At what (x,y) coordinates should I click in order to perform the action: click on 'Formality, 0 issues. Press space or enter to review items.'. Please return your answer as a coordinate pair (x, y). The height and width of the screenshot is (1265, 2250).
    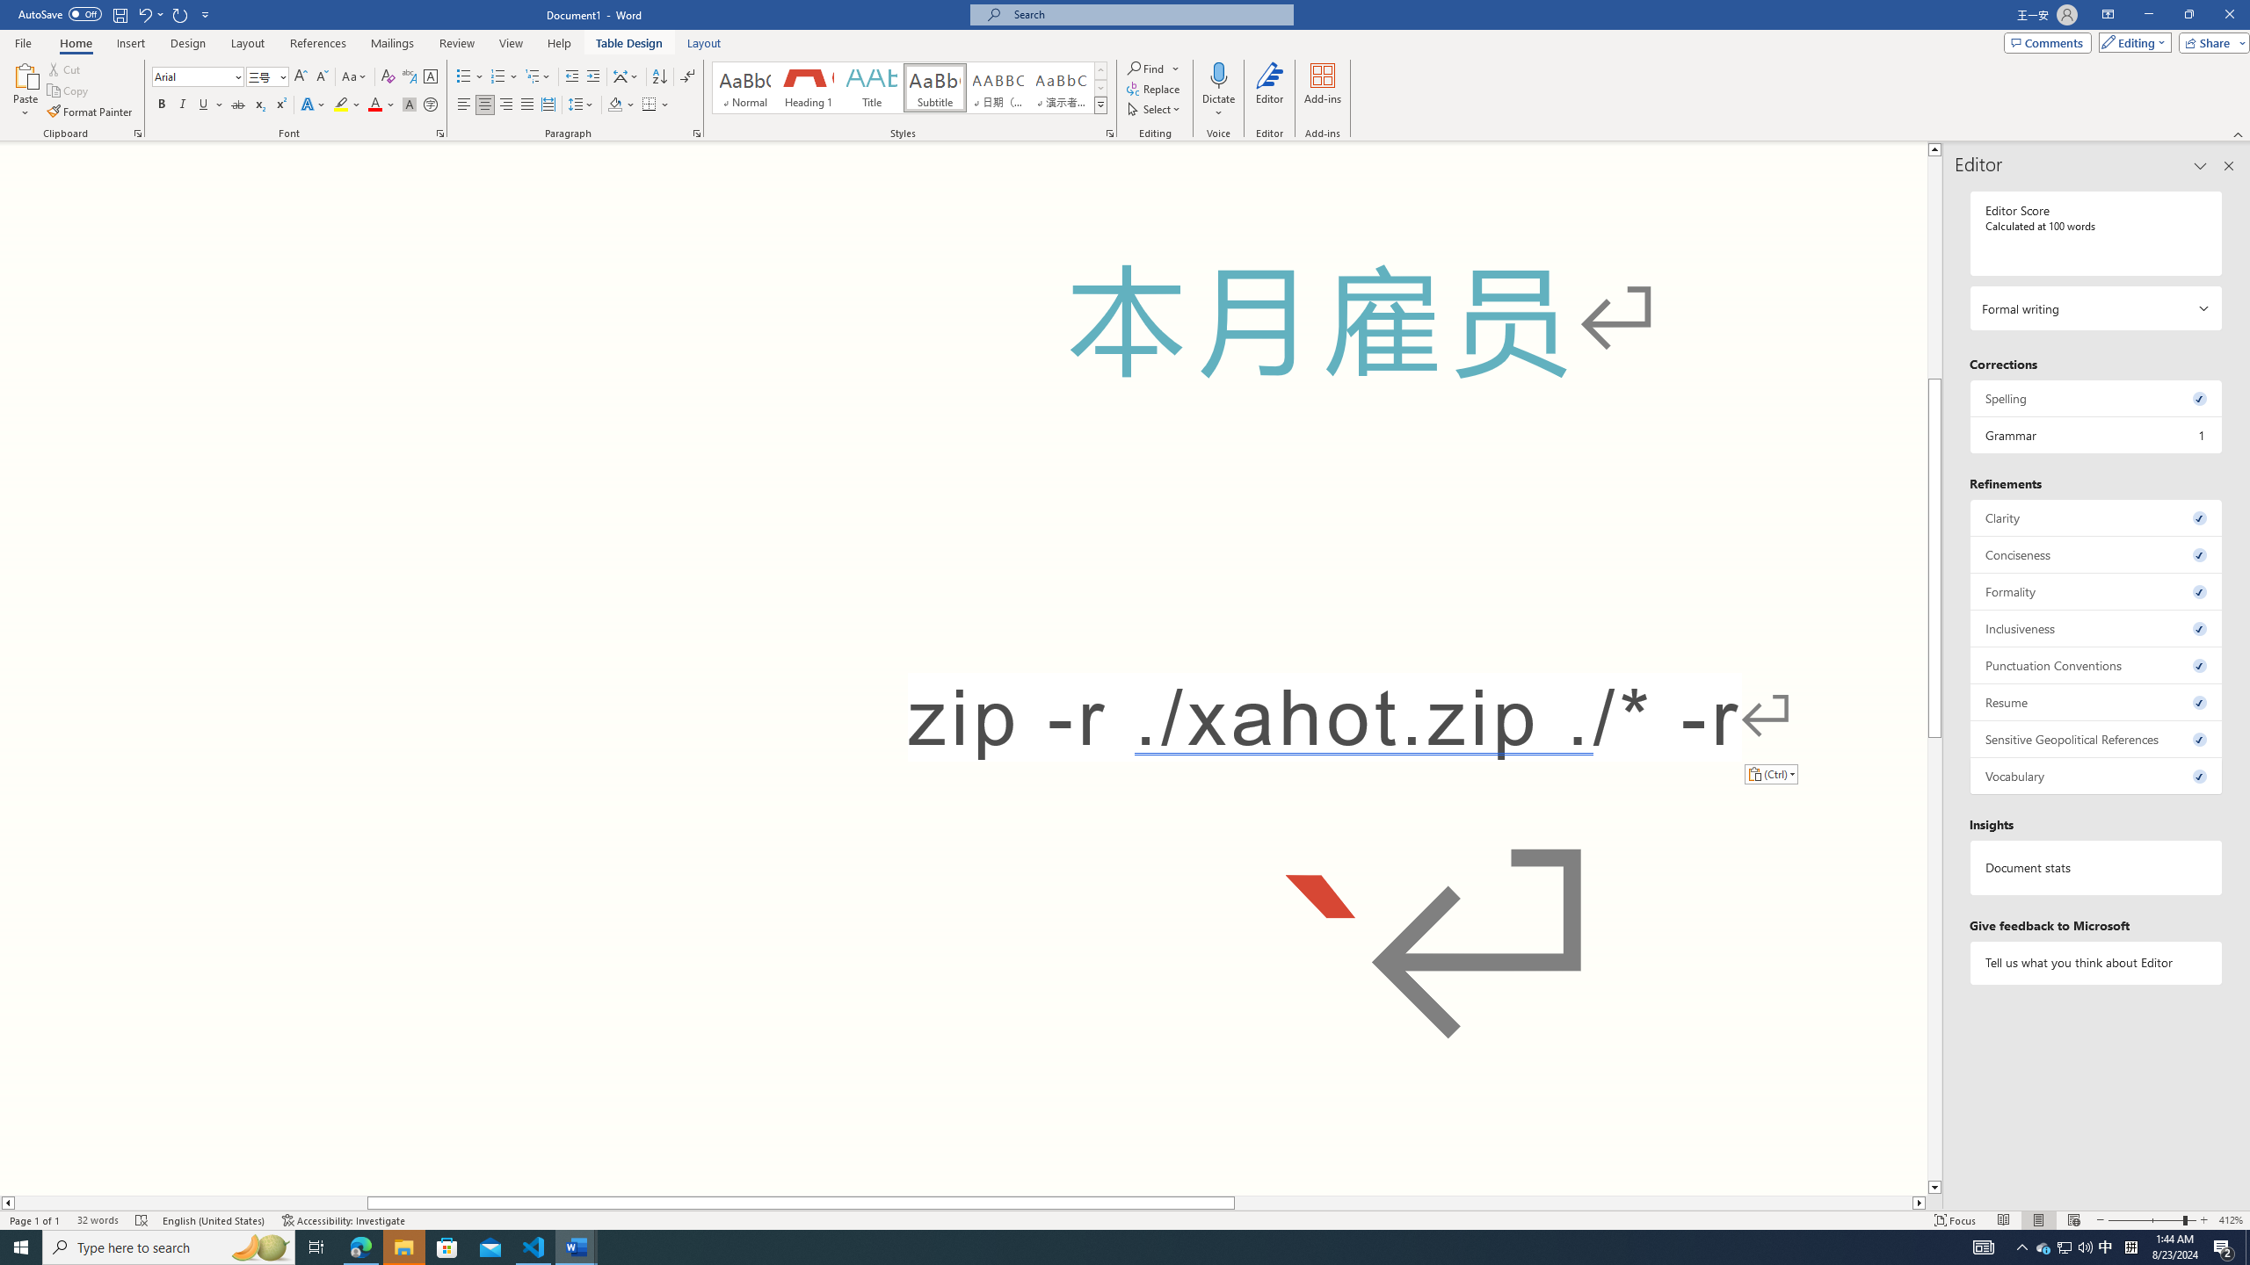
    Looking at the image, I should click on (2095, 591).